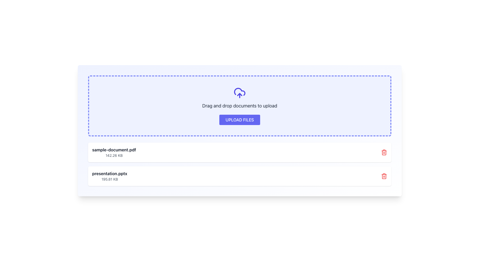 The image size is (496, 279). I want to click on the bold text label displaying the file name 'presentation.pptx', so click(109, 173).